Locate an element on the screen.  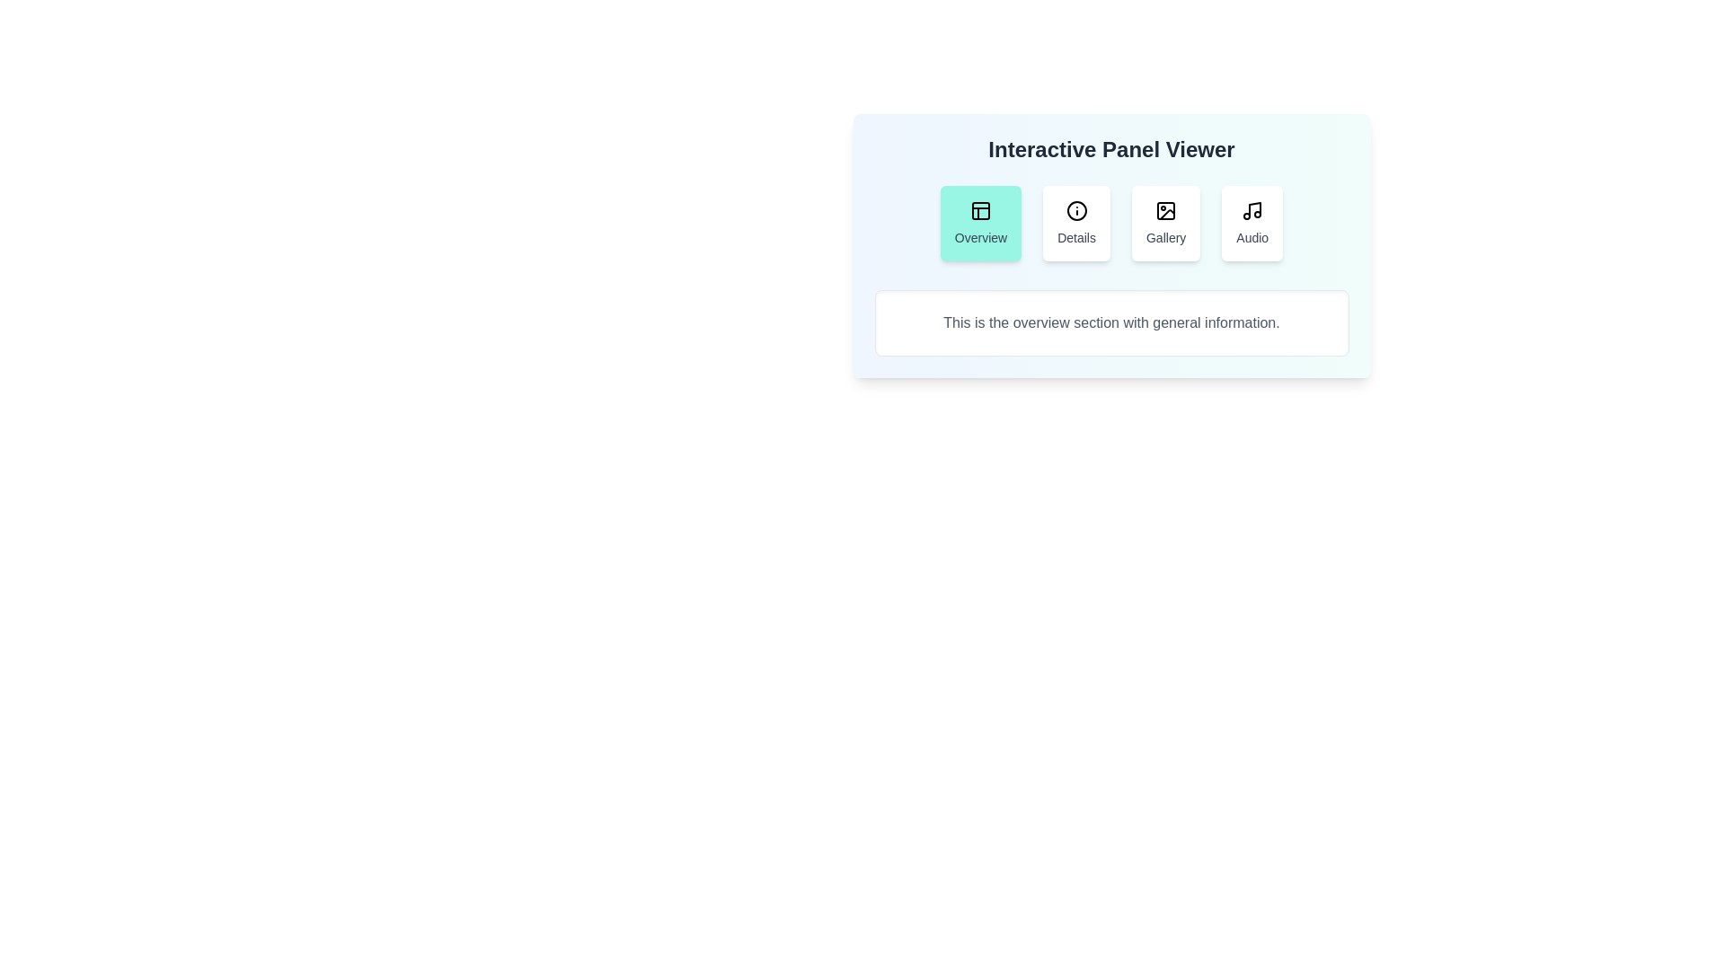
the text label that describes the associated interactive gallery button, located below the gallery image icon is located at coordinates (1166, 237).